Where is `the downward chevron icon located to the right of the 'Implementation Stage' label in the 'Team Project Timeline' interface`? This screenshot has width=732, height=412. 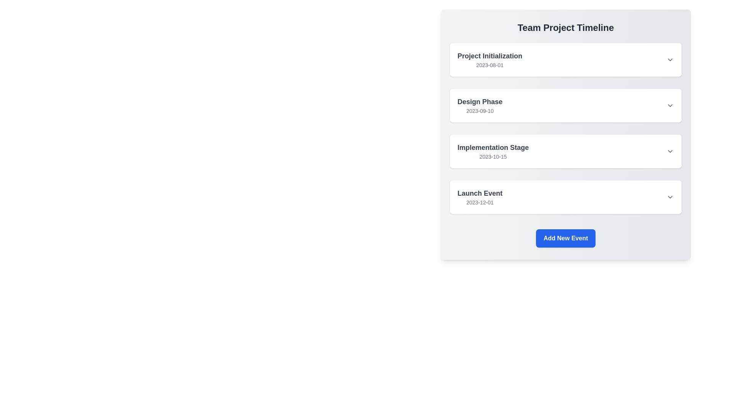 the downward chevron icon located to the right of the 'Implementation Stage' label in the 'Team Project Timeline' interface is located at coordinates (669, 151).